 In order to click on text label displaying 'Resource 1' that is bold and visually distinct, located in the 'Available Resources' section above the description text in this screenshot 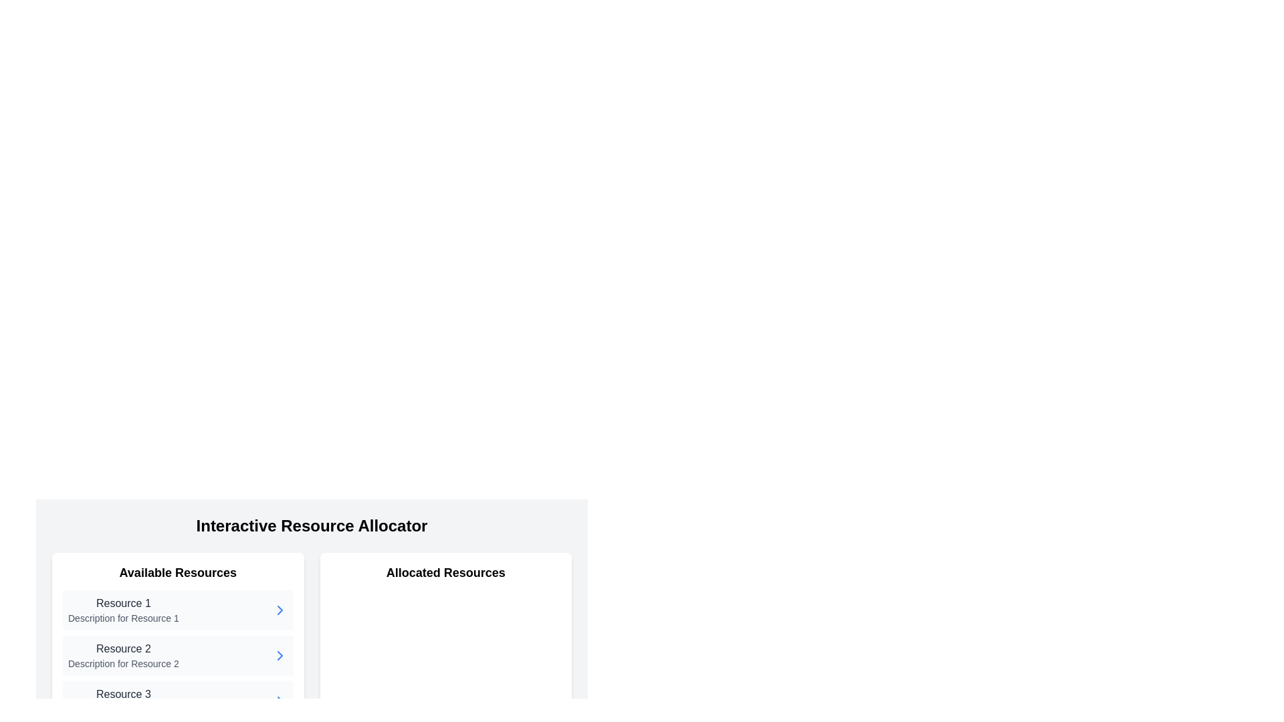, I will do `click(123, 603)`.